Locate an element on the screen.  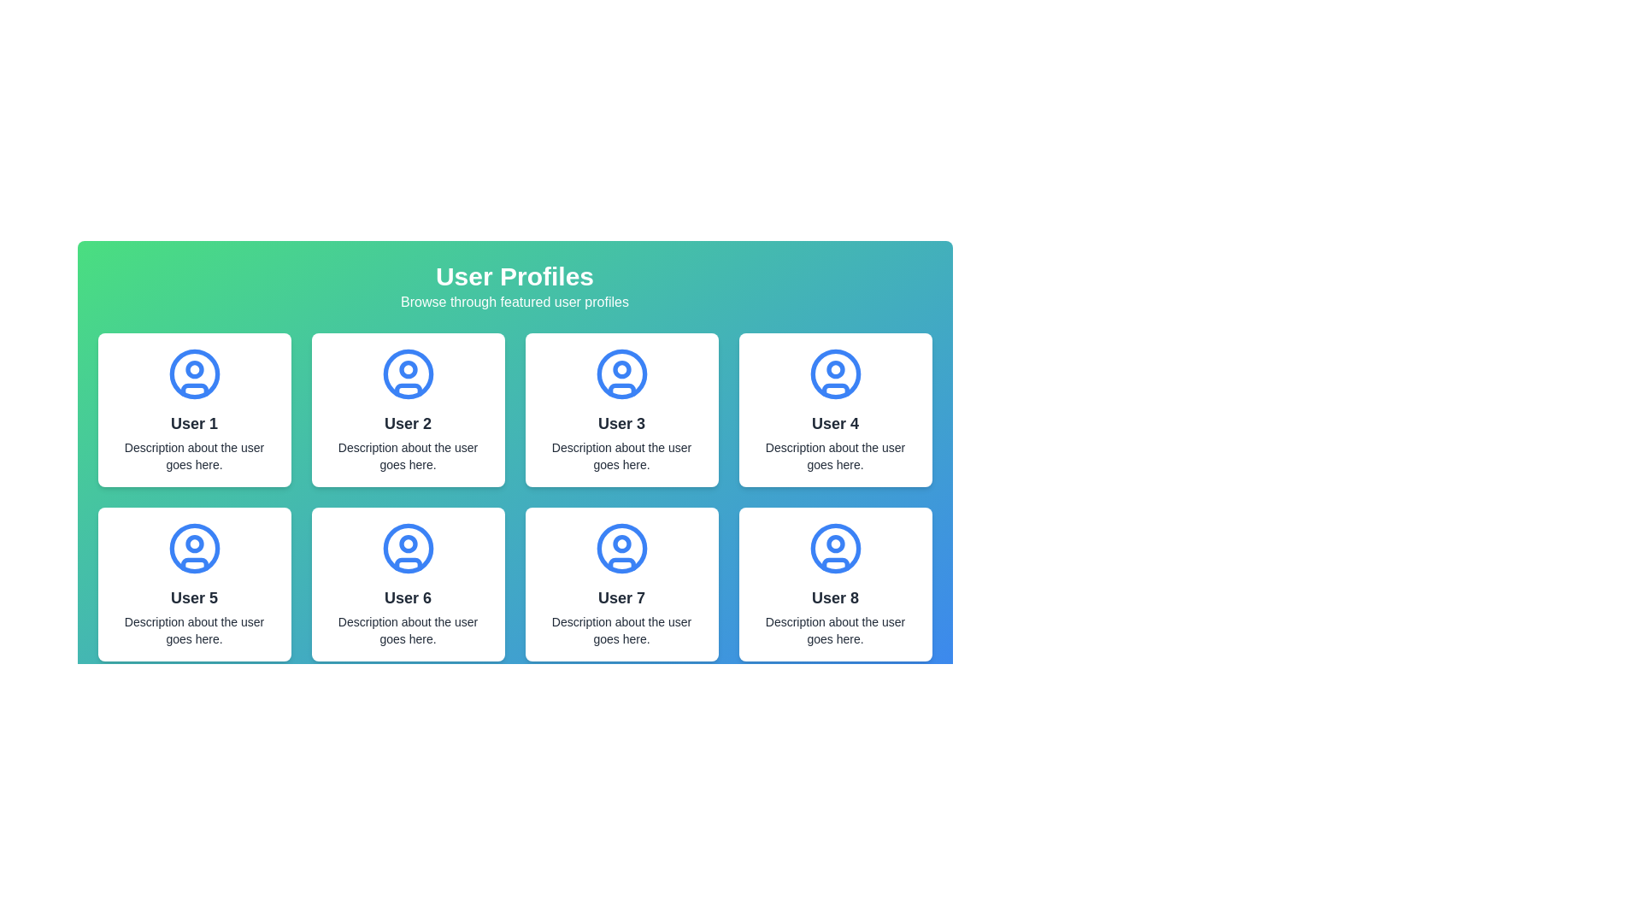
the small circular graphic element located centrally within the user profile icon labeled 'User 6' is located at coordinates (407, 544).